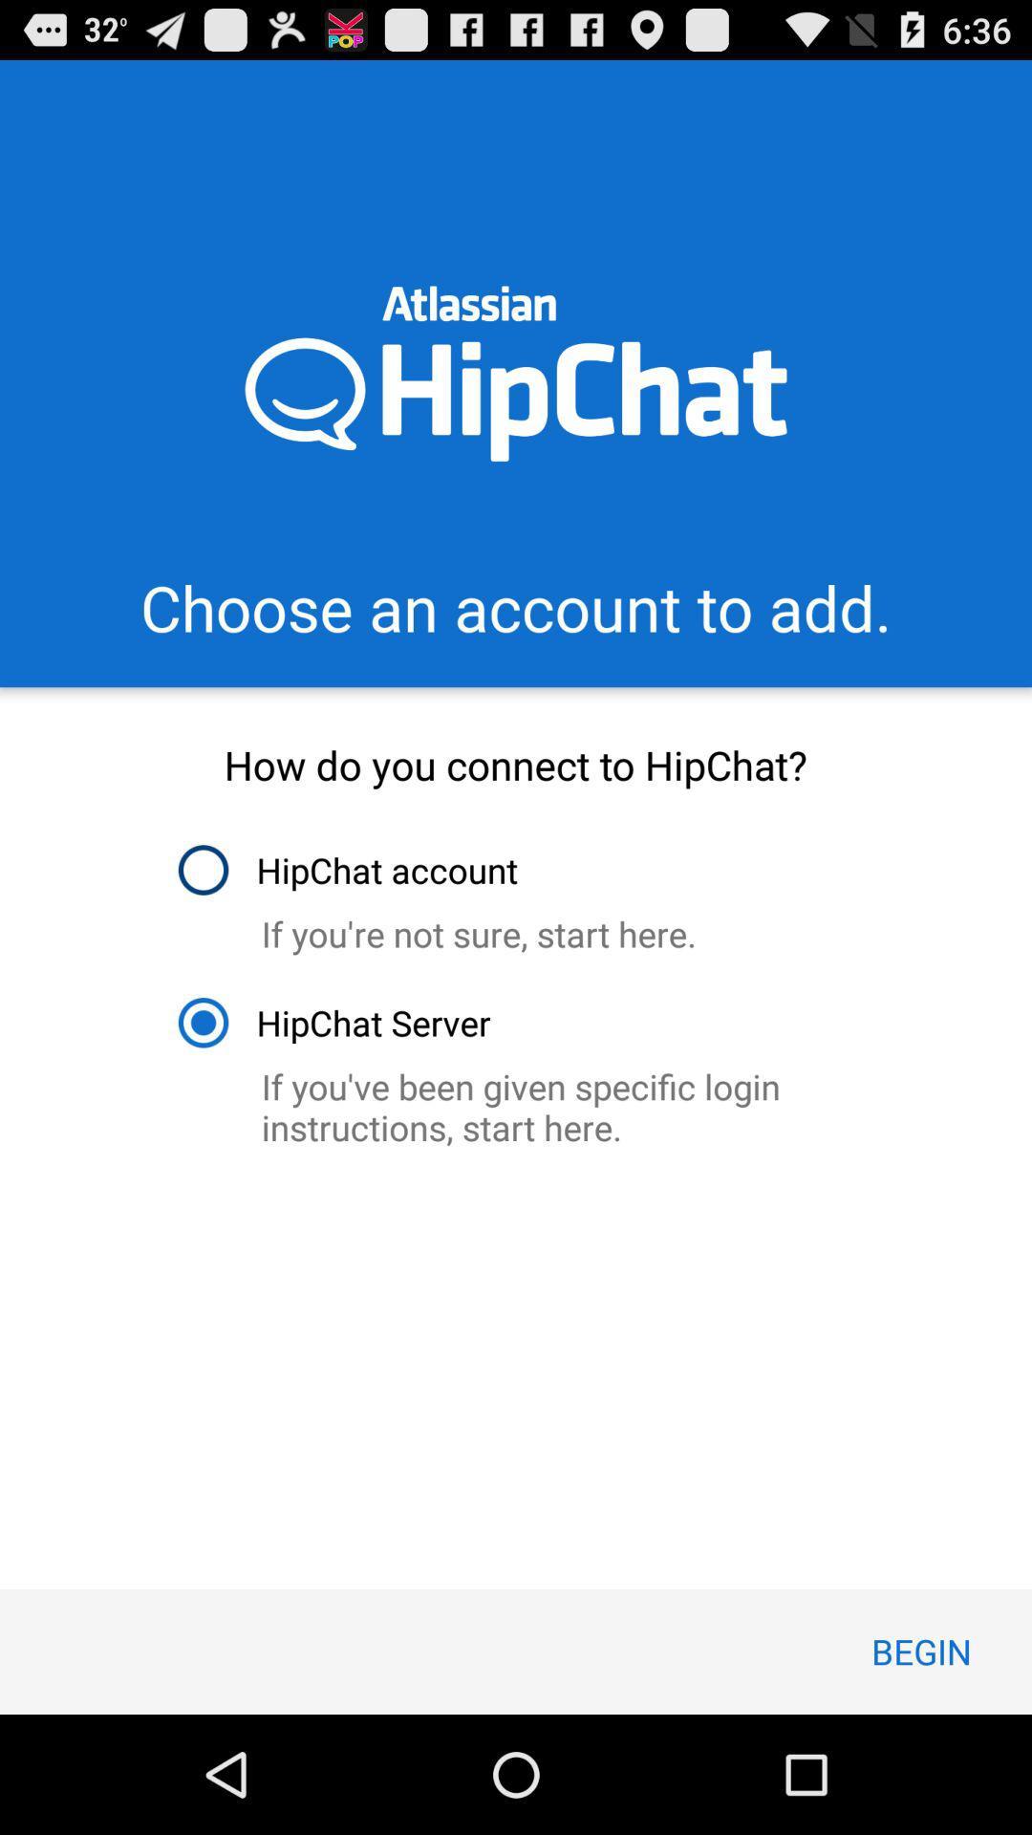  I want to click on icon below the if you ve item, so click(920, 1651).